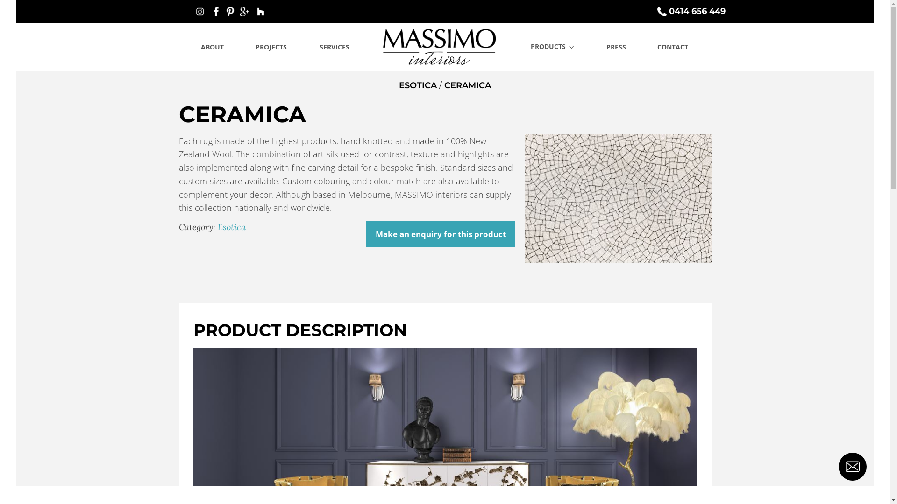 The image size is (897, 504). I want to click on '0414 656 449', so click(692, 11).